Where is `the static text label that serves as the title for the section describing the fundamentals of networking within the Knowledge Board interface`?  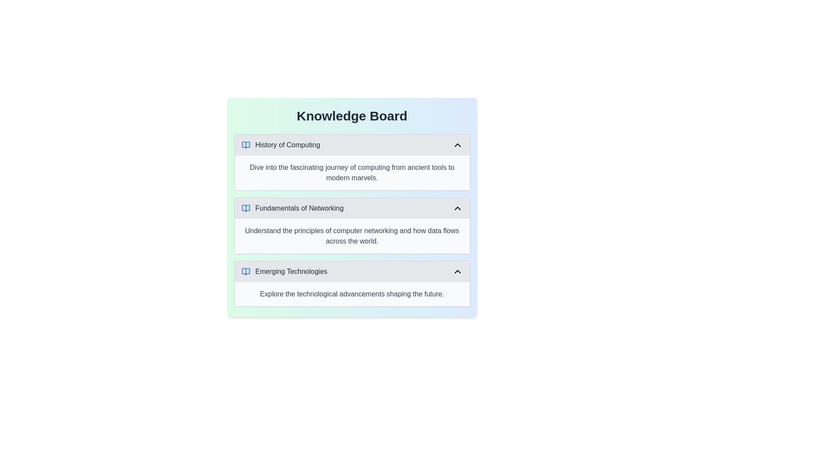 the static text label that serves as the title for the section describing the fundamentals of networking within the Knowledge Board interface is located at coordinates (299, 208).